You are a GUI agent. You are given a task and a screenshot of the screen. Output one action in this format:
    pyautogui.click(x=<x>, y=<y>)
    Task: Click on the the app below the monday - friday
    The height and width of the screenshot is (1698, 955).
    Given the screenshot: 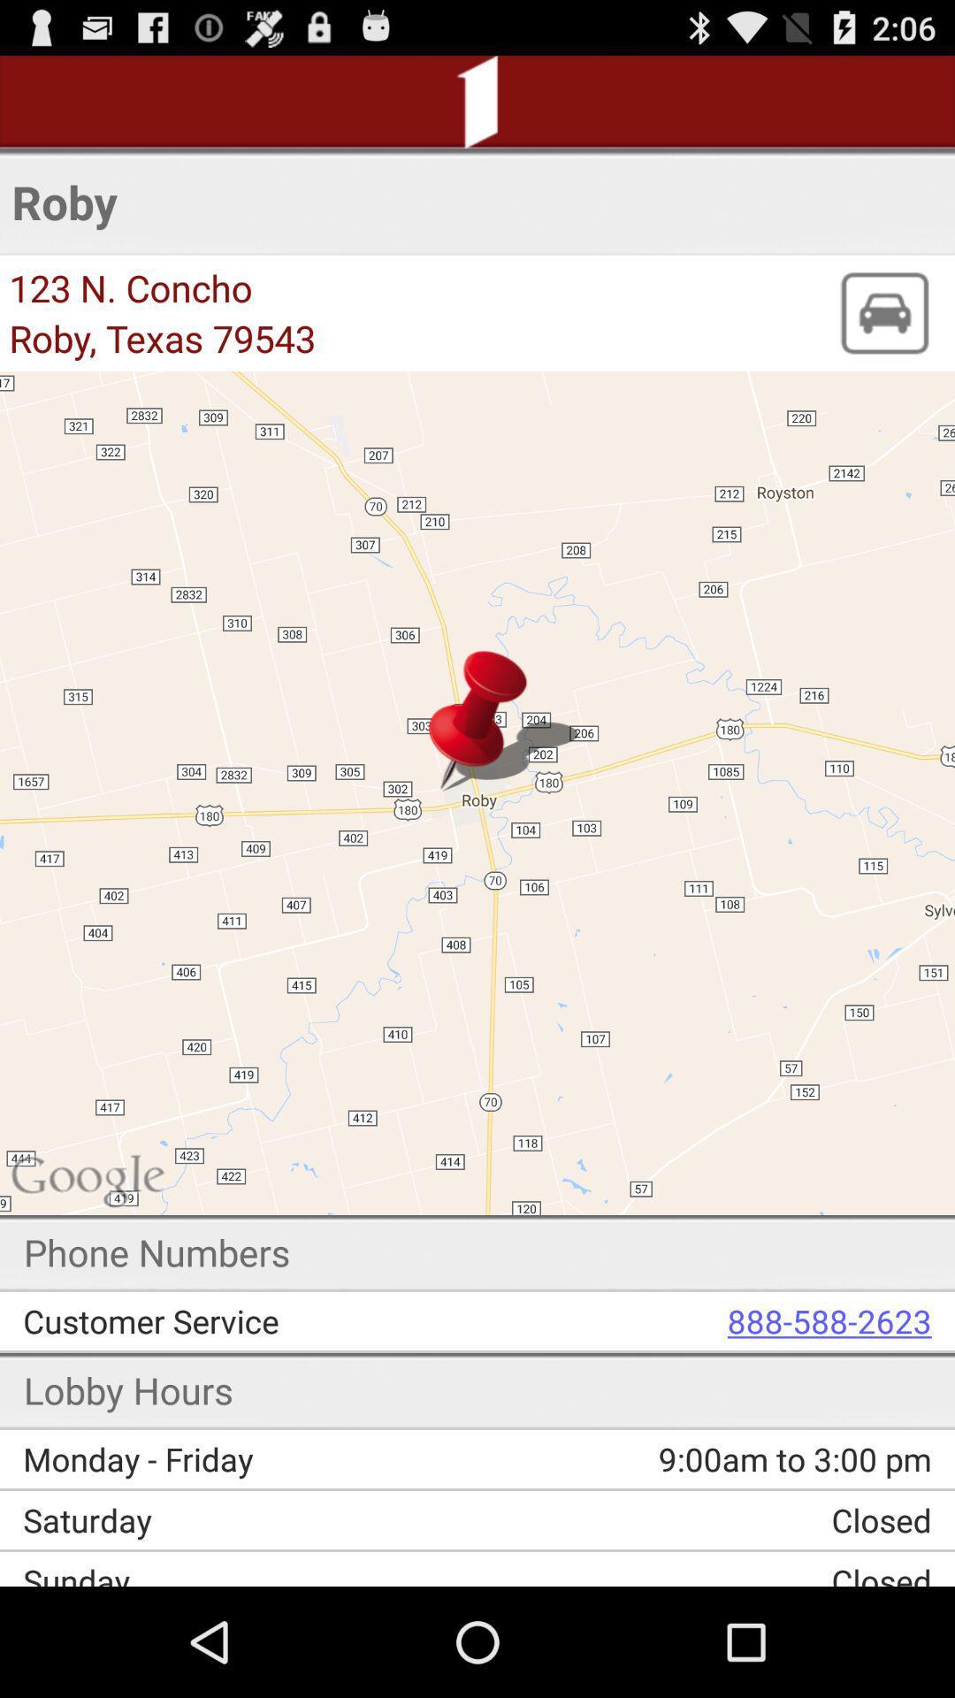 What is the action you would take?
    pyautogui.click(x=256, y=1518)
    